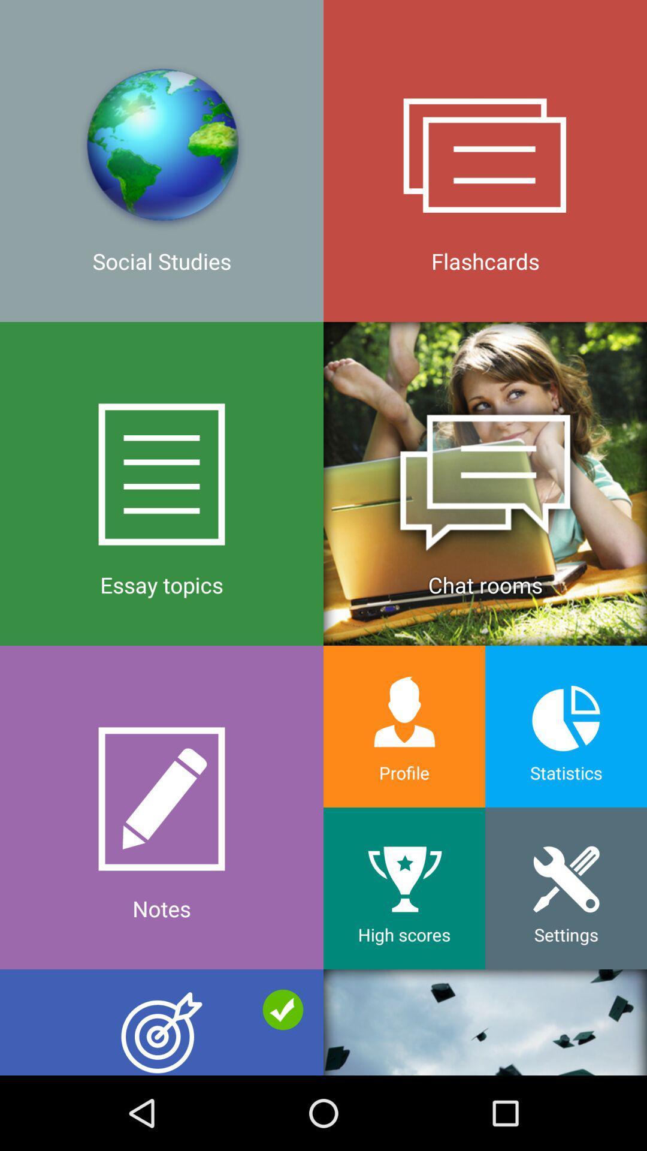 The image size is (647, 1151). I want to click on item next to high scores, so click(162, 1022).